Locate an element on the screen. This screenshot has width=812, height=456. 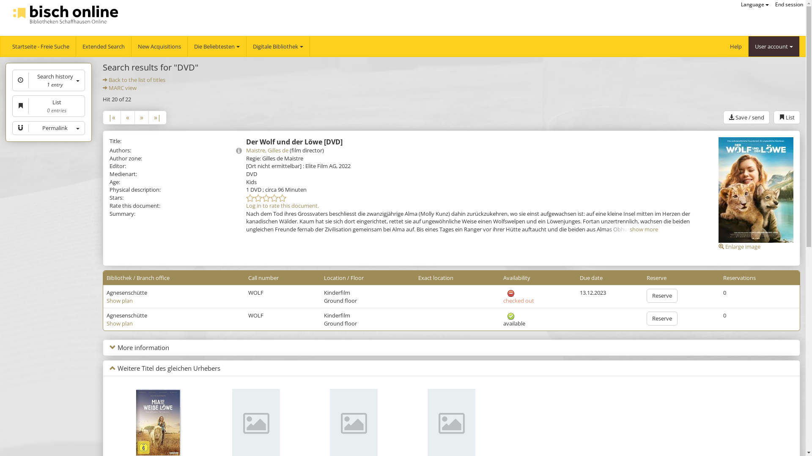
'Maistre, Gilles de' is located at coordinates (267, 149).